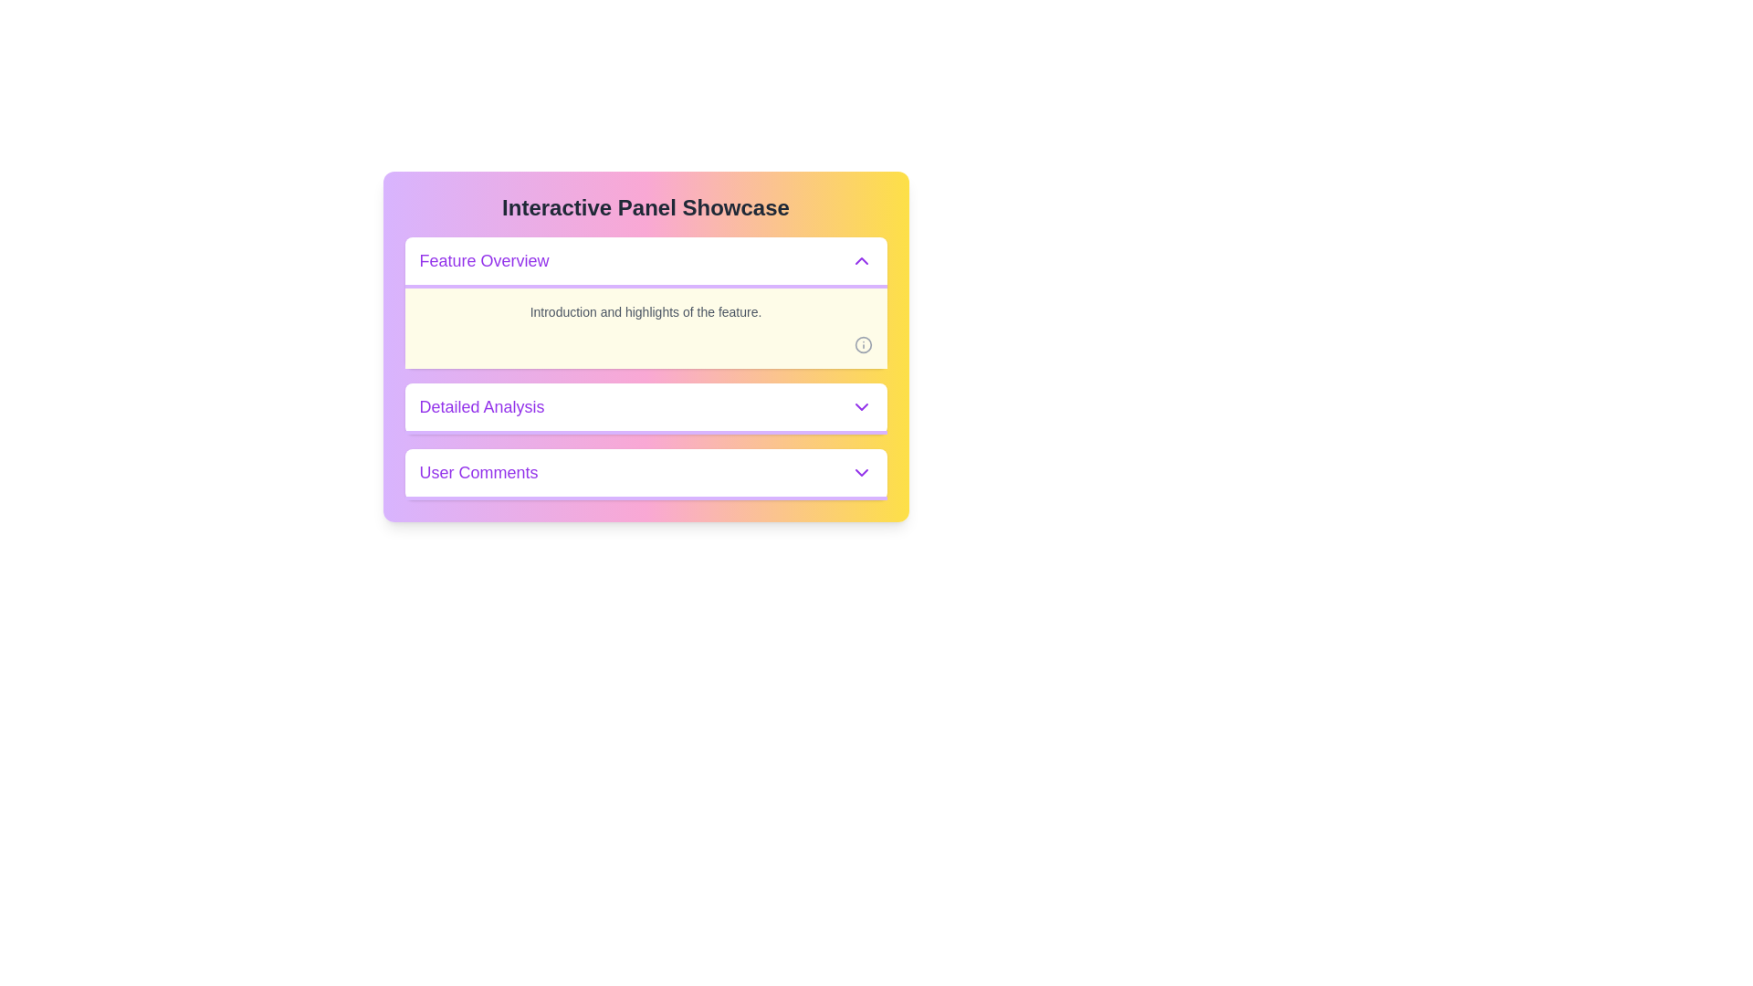 The width and height of the screenshot is (1753, 986). What do you see at coordinates (860, 471) in the screenshot?
I see `the chevron icon on the Dropdown toggle button` at bounding box center [860, 471].